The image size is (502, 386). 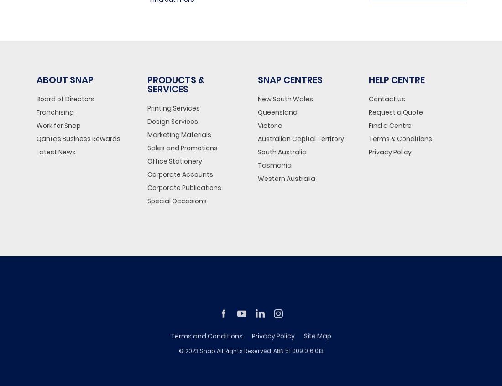 What do you see at coordinates (282, 152) in the screenshot?
I see `'South Australia'` at bounding box center [282, 152].